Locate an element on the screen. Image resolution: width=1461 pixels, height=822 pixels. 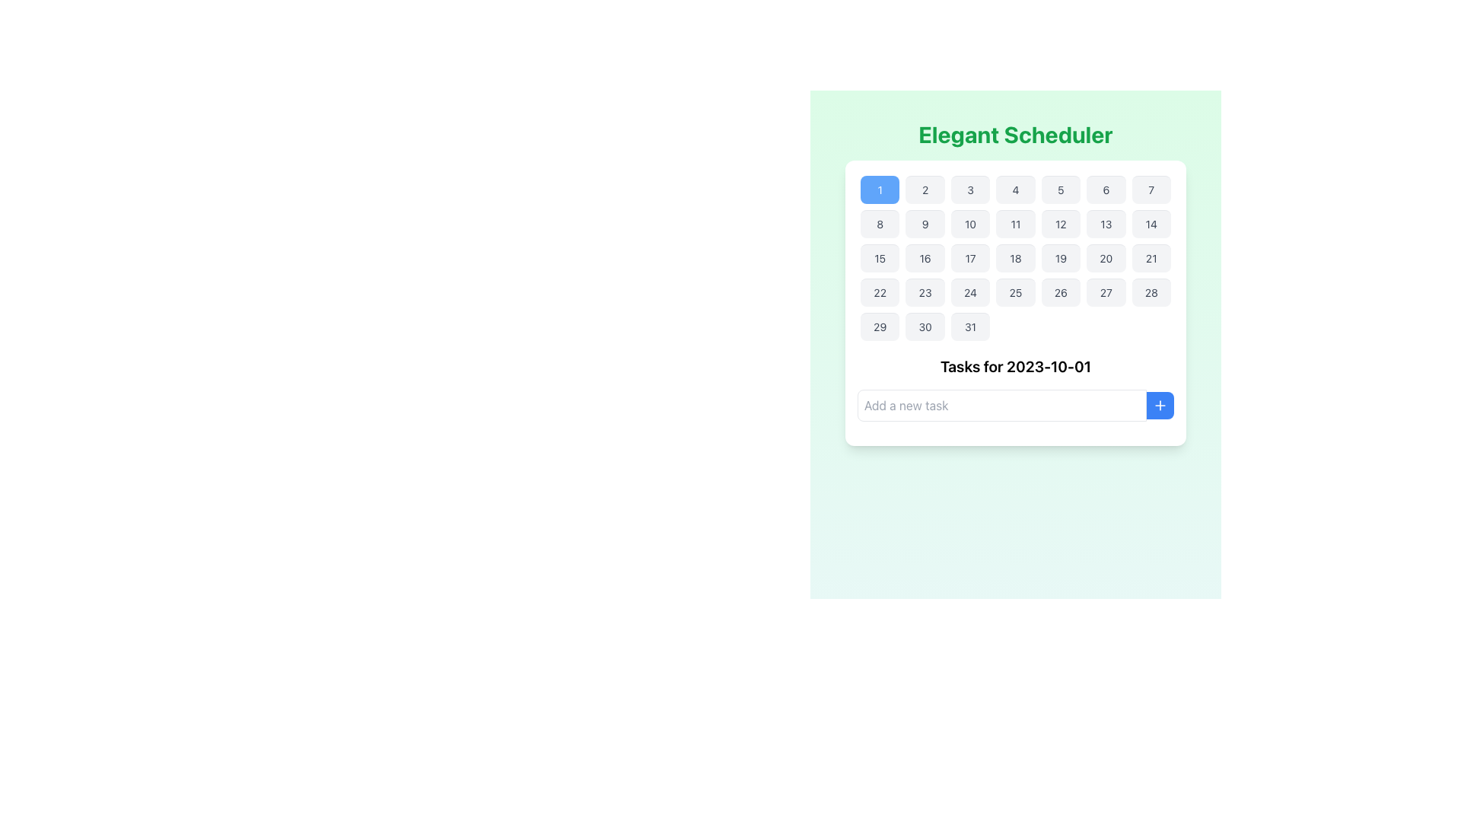
the button displaying the number '14' in the second row, seventh column of the calendar grid is located at coordinates (1151, 224).